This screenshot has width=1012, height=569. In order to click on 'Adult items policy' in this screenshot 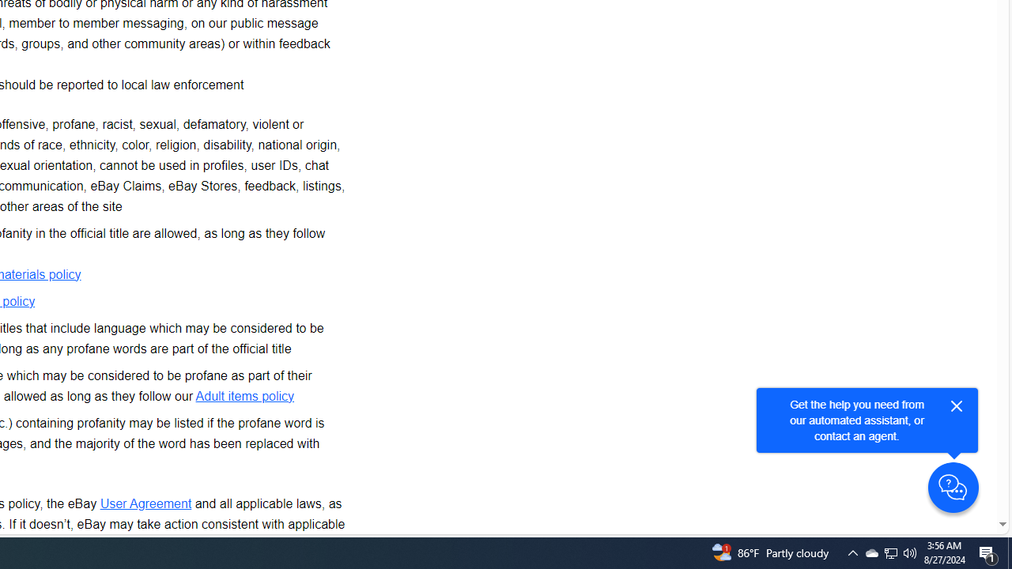, I will do `click(244, 394)`.